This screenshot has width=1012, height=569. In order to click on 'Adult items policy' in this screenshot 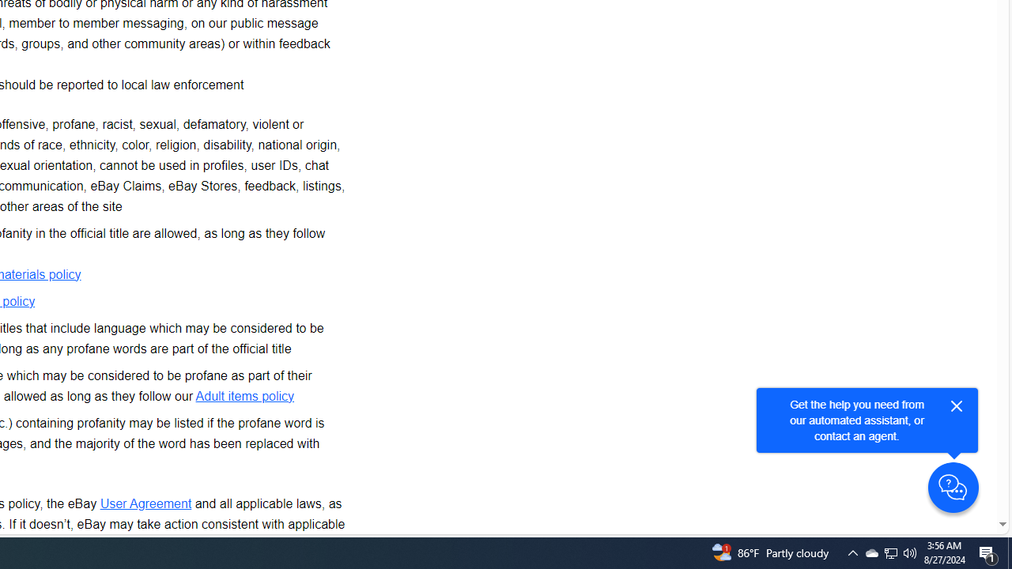, I will do `click(244, 394)`.